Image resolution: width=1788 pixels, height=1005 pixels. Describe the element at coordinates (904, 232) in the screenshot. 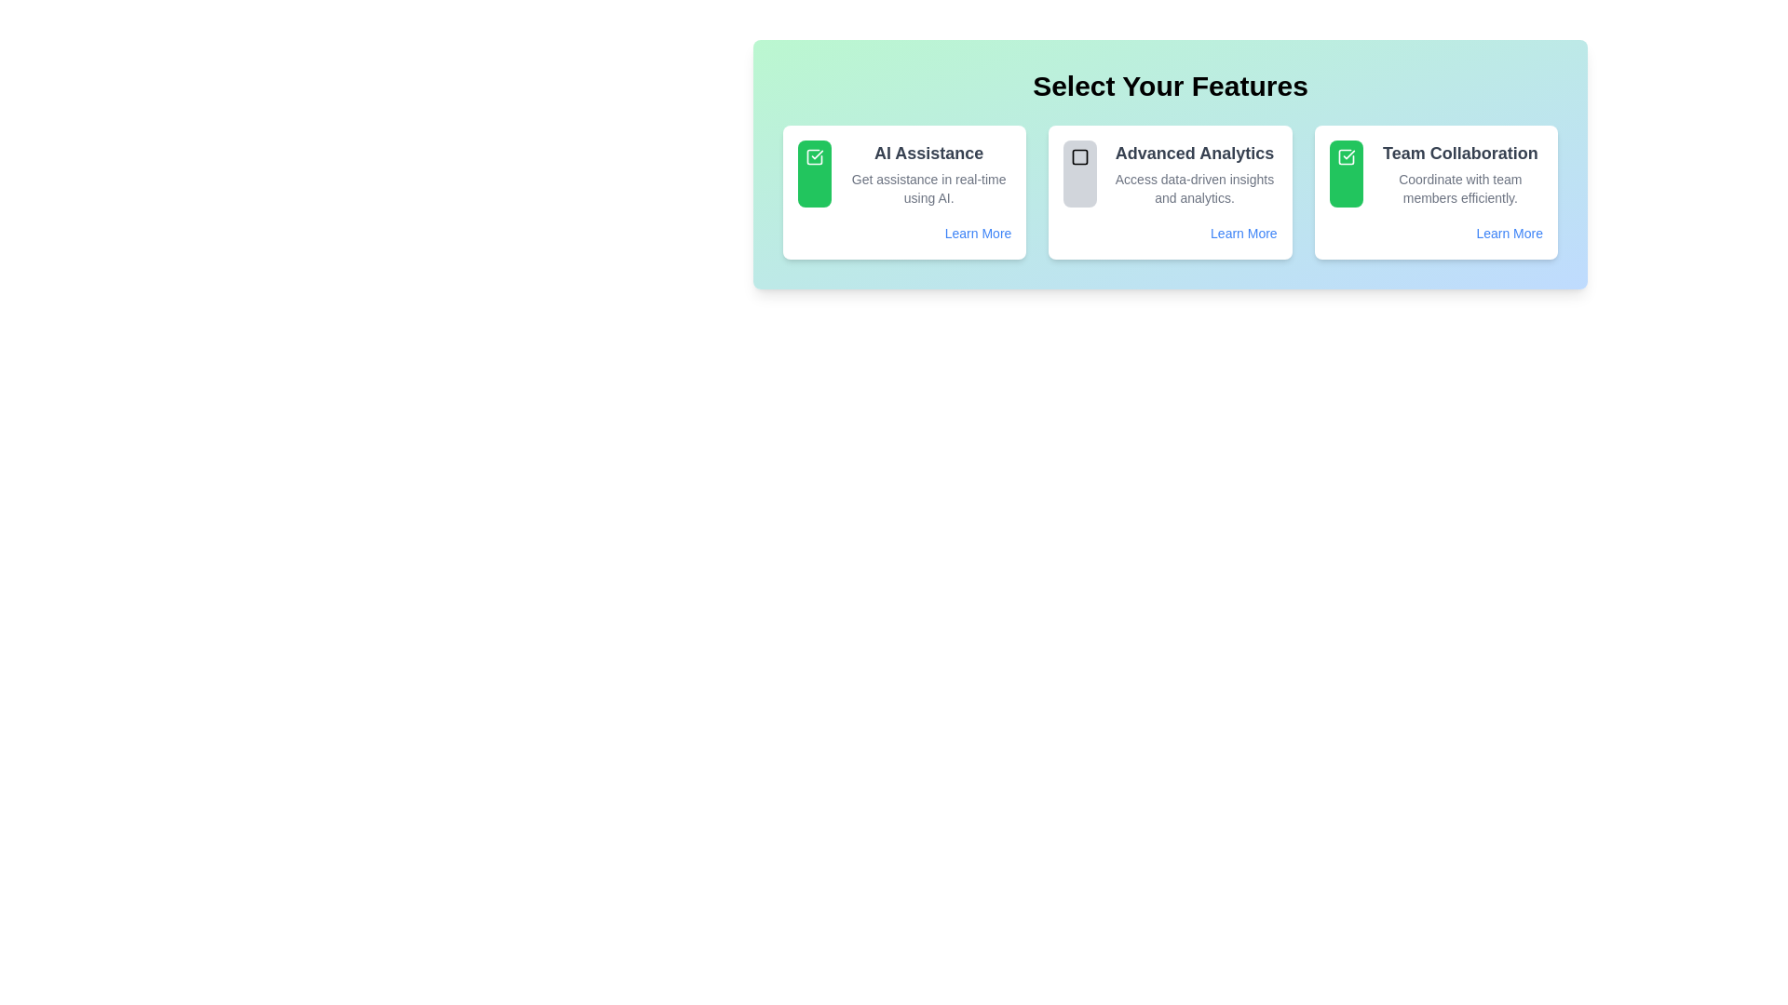

I see `the hyperlink located at the bottom-right of the 'AI Assistance' card in the feature selection panel` at that location.